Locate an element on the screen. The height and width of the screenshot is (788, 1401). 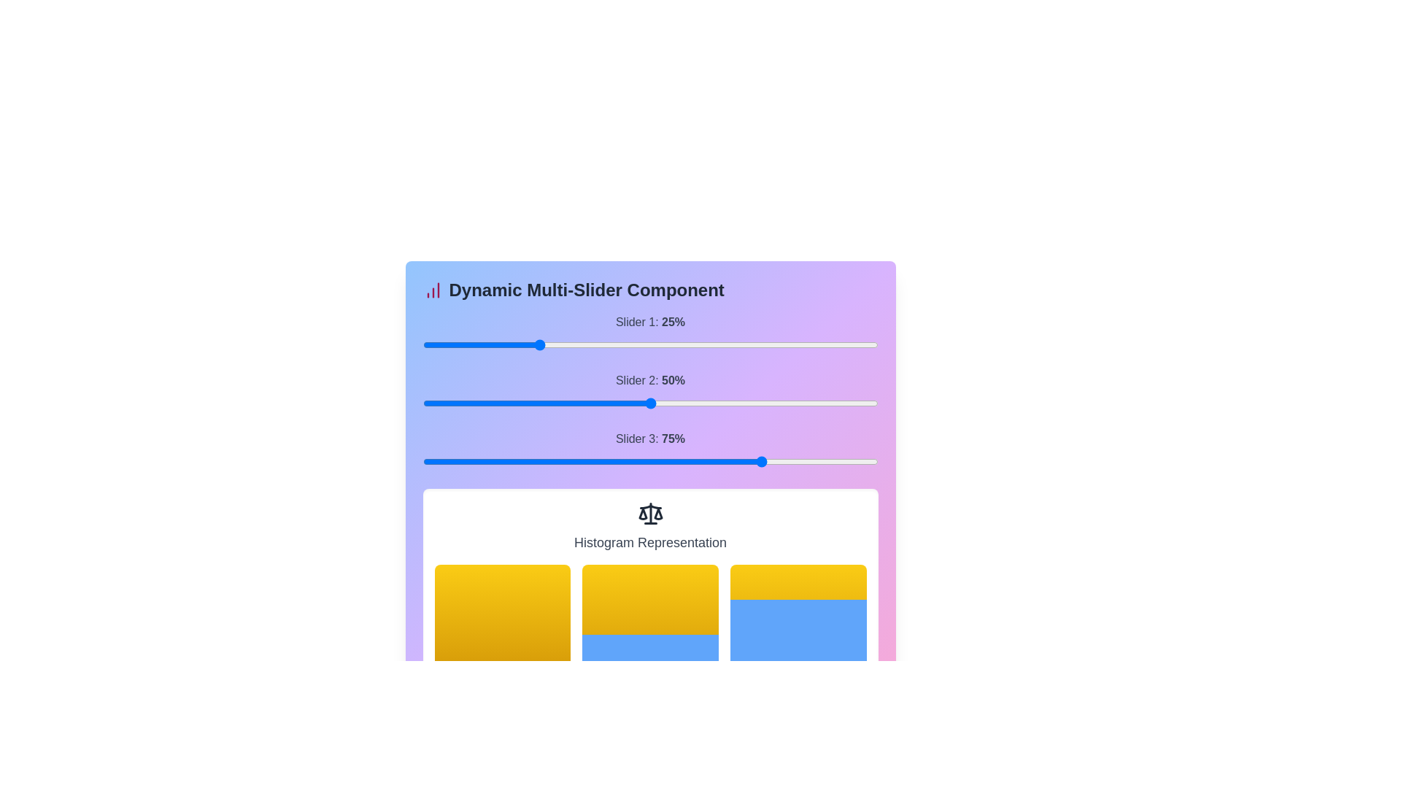
the slider 1 to 24% to observe histogram changes is located at coordinates (705, 345).